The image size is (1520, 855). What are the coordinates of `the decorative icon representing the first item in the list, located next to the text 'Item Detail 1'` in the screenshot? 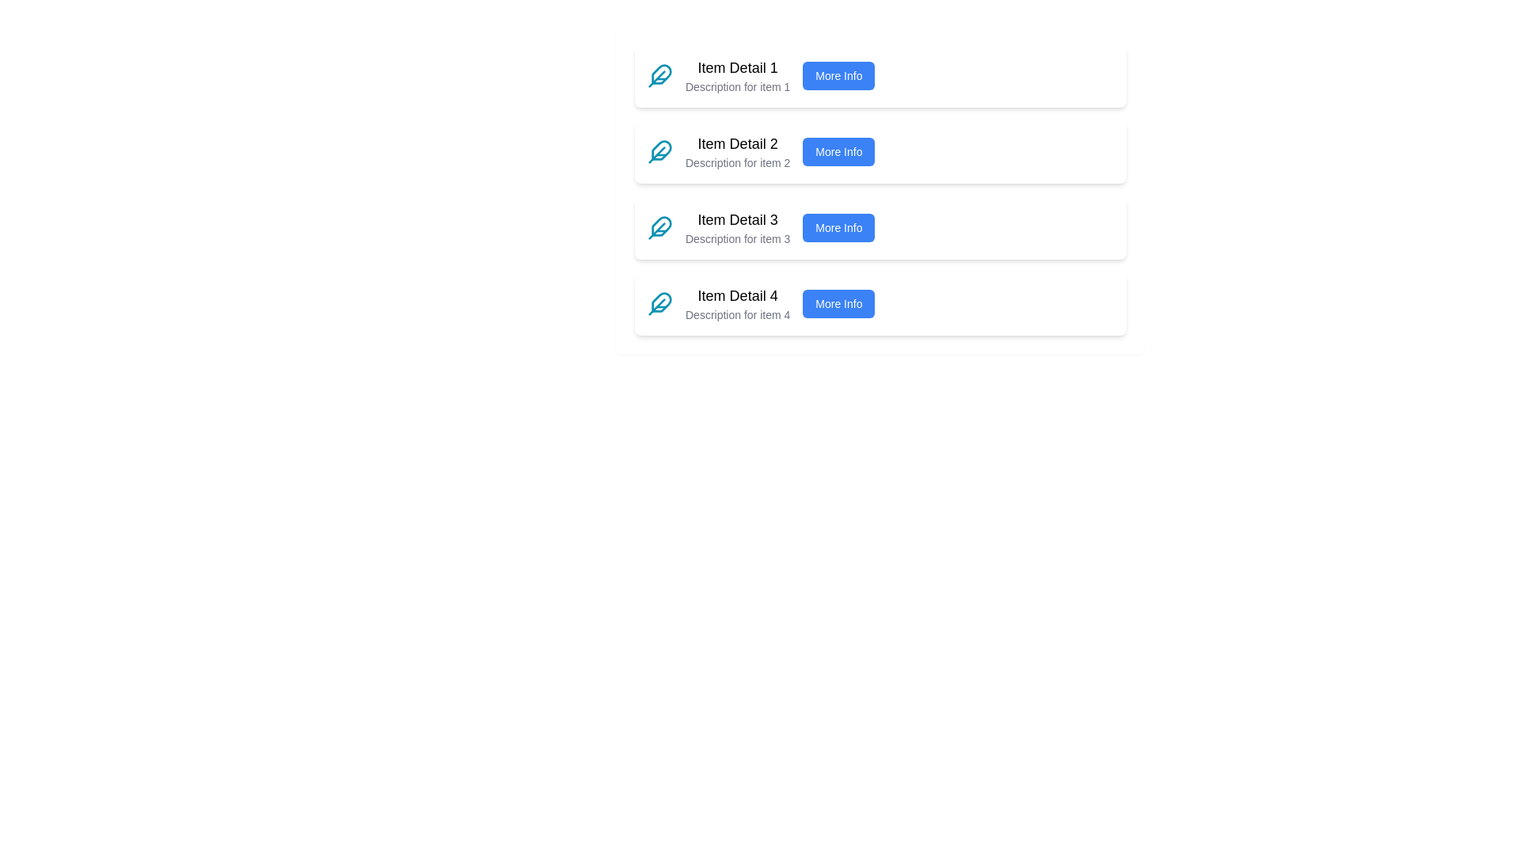 It's located at (660, 76).